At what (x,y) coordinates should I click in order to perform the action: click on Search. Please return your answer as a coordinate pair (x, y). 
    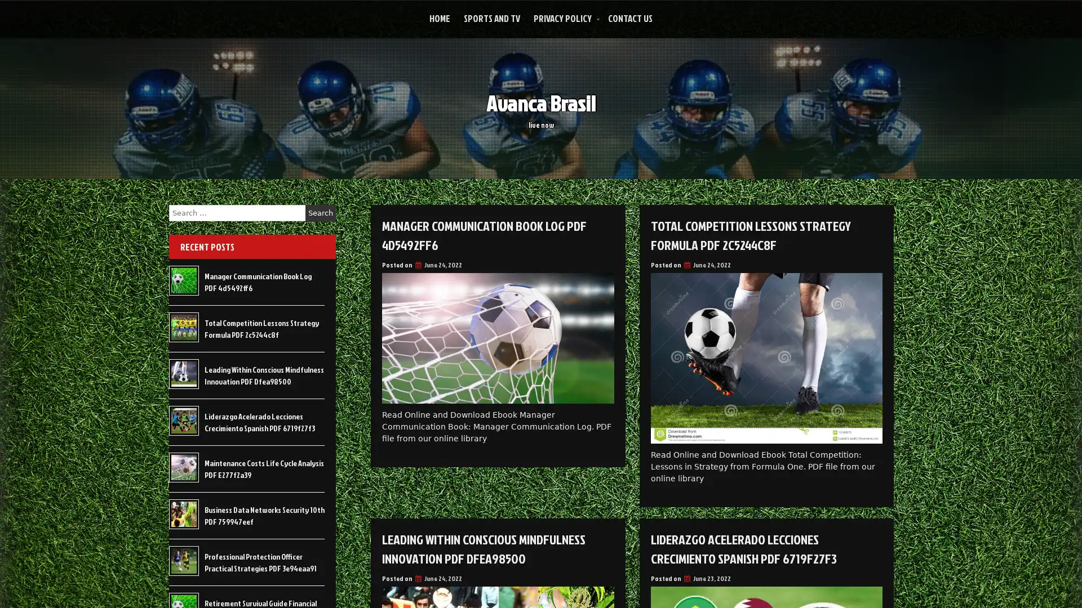
    Looking at the image, I should click on (320, 213).